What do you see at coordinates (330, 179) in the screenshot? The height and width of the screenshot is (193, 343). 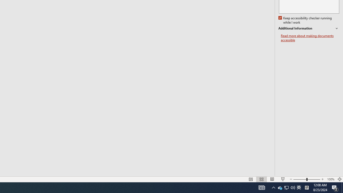 I see `'Zoom 100%'` at bounding box center [330, 179].